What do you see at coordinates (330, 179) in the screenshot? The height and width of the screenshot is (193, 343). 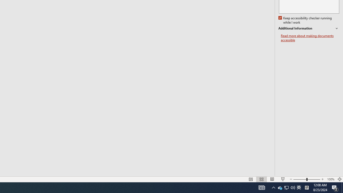 I see `'Zoom 100%'` at bounding box center [330, 179].